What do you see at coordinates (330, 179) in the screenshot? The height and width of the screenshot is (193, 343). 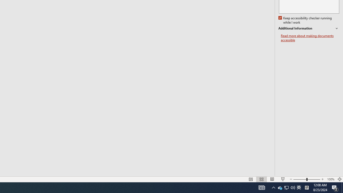 I see `'Zoom 100%'` at bounding box center [330, 179].